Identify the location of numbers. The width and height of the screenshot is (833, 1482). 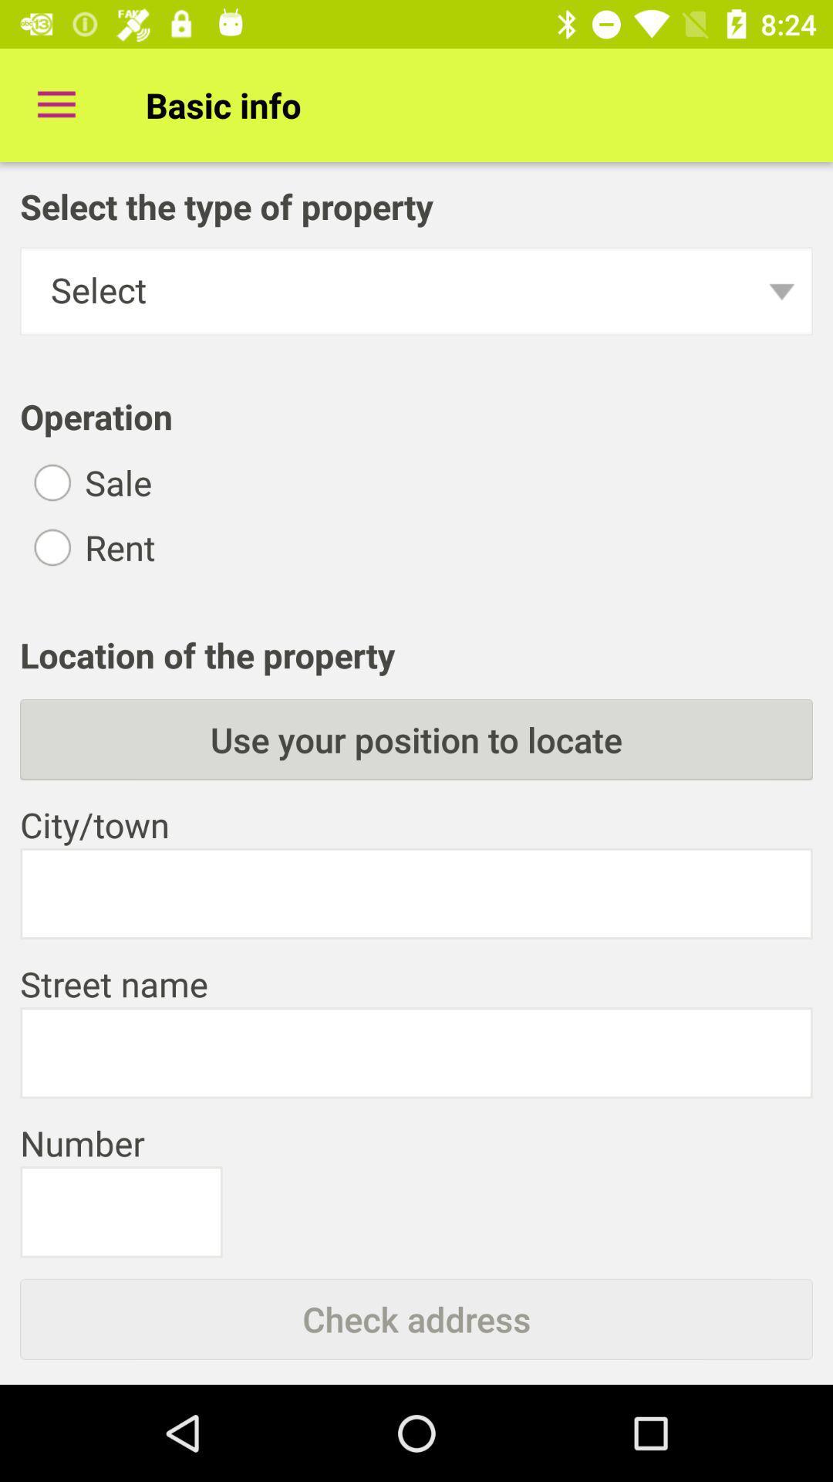
(120, 1211).